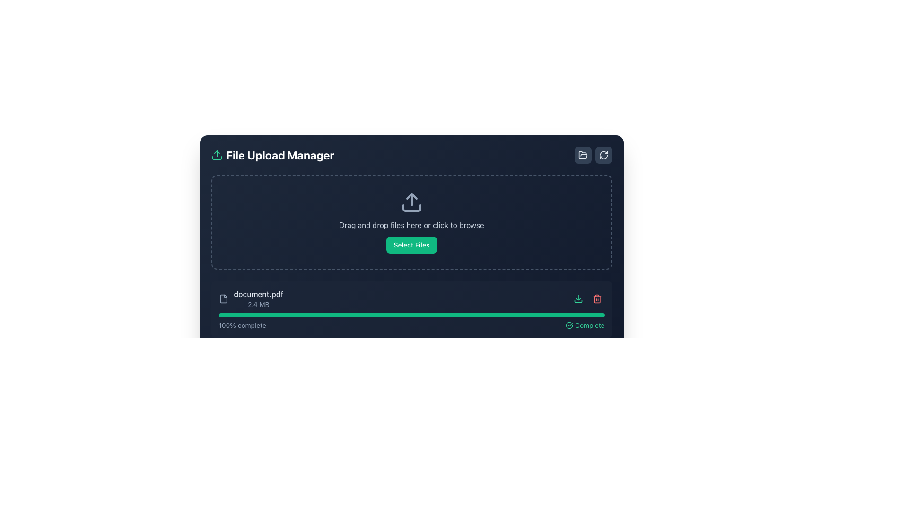 The height and width of the screenshot is (511, 908). What do you see at coordinates (577, 299) in the screenshot?
I see `the Download button located in the bottom-right corner of the progress bar section, which is the leftmost icon next to the red trash bin icon, to initiate the file download` at bounding box center [577, 299].